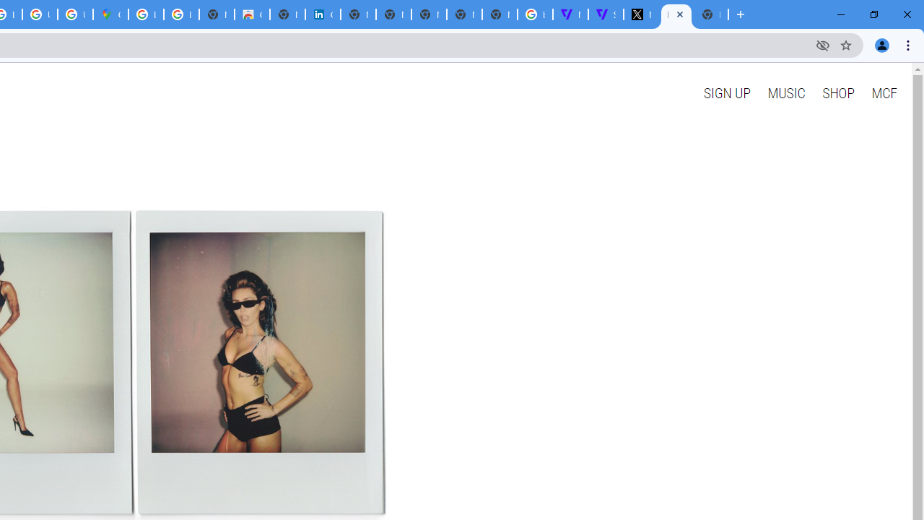 This screenshot has width=924, height=520. I want to click on 'SHOP', so click(838, 92).